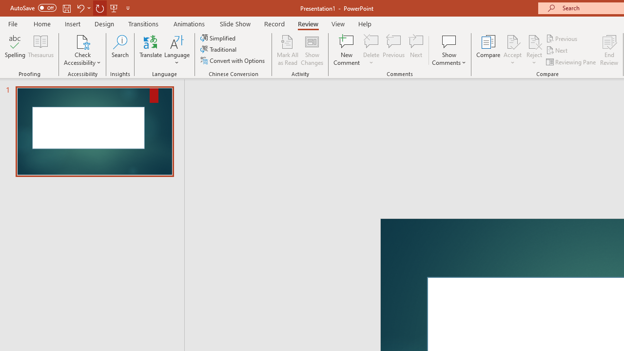 The height and width of the screenshot is (351, 624). What do you see at coordinates (534, 41) in the screenshot?
I see `'Reject Change'` at bounding box center [534, 41].